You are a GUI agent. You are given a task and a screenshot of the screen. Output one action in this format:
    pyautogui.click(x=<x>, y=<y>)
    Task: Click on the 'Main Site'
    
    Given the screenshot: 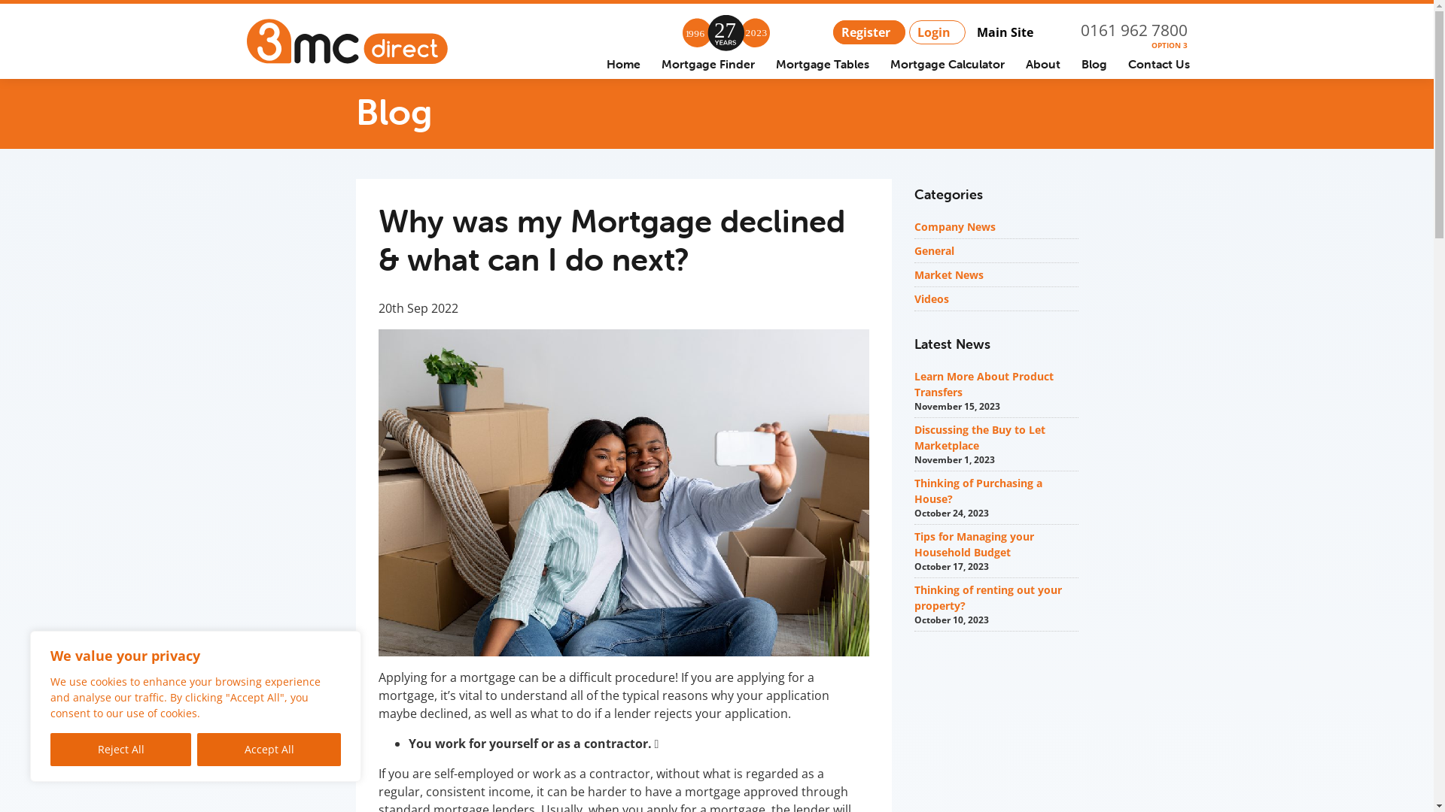 What is the action you would take?
    pyautogui.click(x=1007, y=32)
    